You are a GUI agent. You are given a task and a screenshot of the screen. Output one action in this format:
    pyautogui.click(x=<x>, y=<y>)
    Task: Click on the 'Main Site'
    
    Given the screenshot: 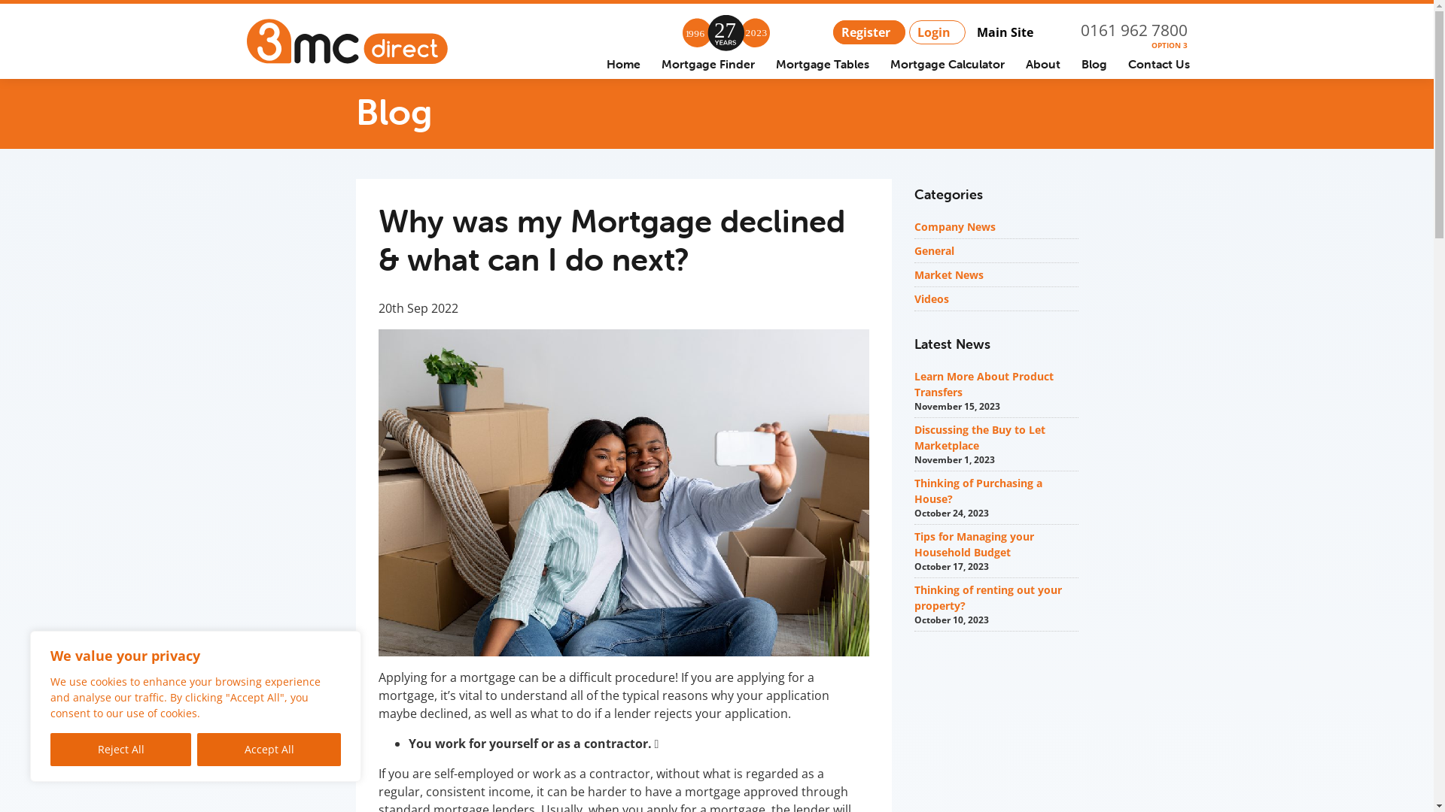 What is the action you would take?
    pyautogui.click(x=1007, y=32)
    